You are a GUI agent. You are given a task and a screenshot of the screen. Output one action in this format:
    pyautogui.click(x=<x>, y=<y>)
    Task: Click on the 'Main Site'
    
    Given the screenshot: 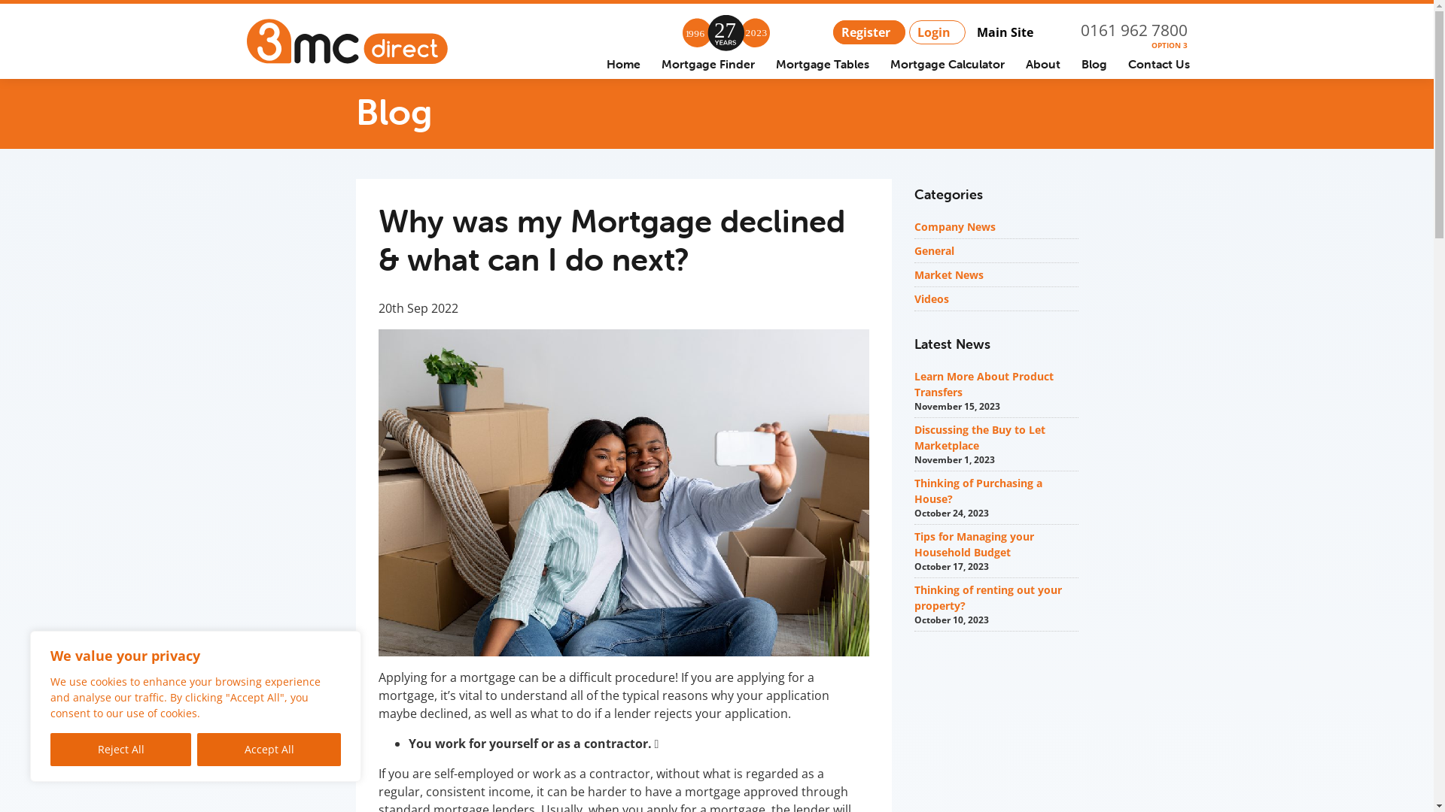 What is the action you would take?
    pyautogui.click(x=1007, y=32)
    